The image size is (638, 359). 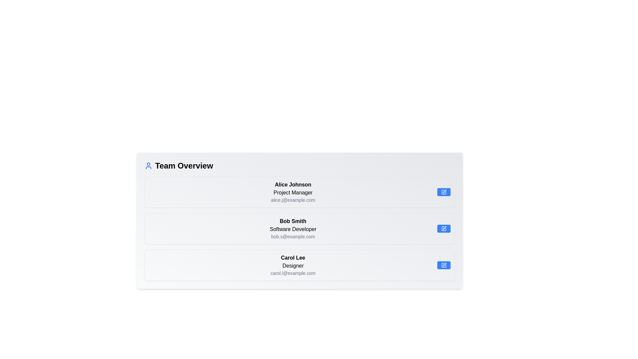 What do you see at coordinates (293, 228) in the screenshot?
I see `the second informational text display panel that presents user details, including name, role, and contact information` at bounding box center [293, 228].